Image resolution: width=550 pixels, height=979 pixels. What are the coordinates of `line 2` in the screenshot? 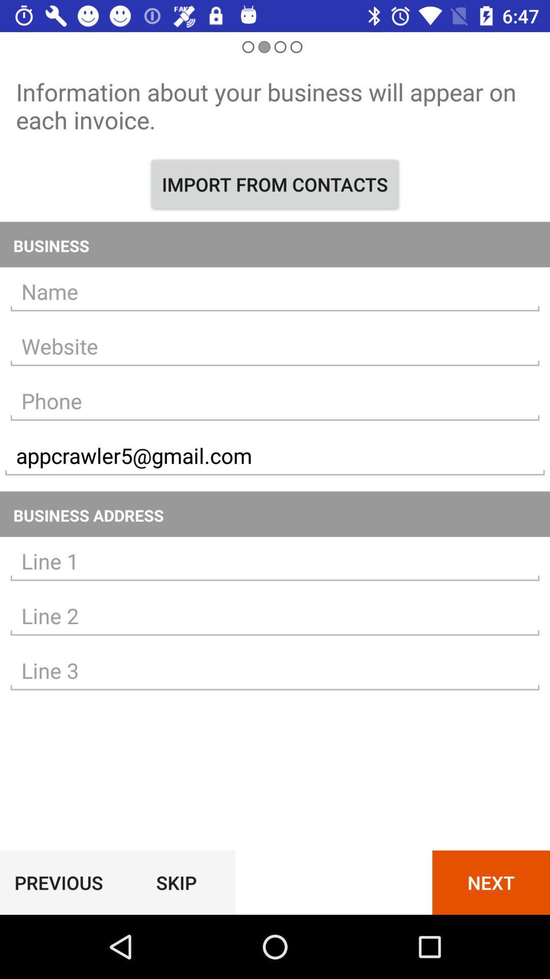 It's located at (275, 615).